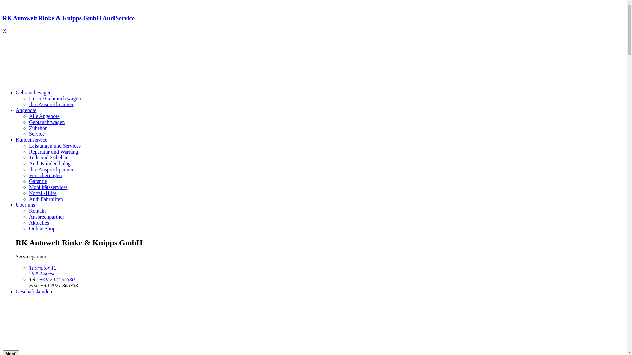 This screenshot has height=355, width=632. Describe the element at coordinates (36, 133) in the screenshot. I see `'Service'` at that location.